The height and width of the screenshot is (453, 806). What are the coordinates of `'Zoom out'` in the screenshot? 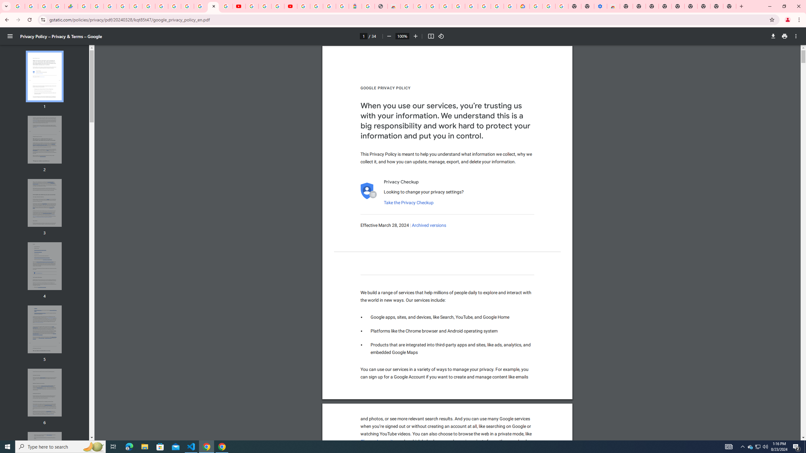 It's located at (389, 36).